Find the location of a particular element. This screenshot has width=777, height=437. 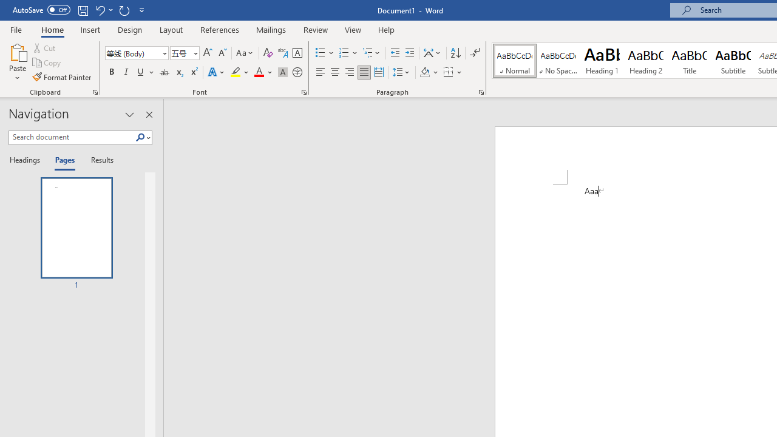

'Text Highlight Color' is located at coordinates (240, 72).